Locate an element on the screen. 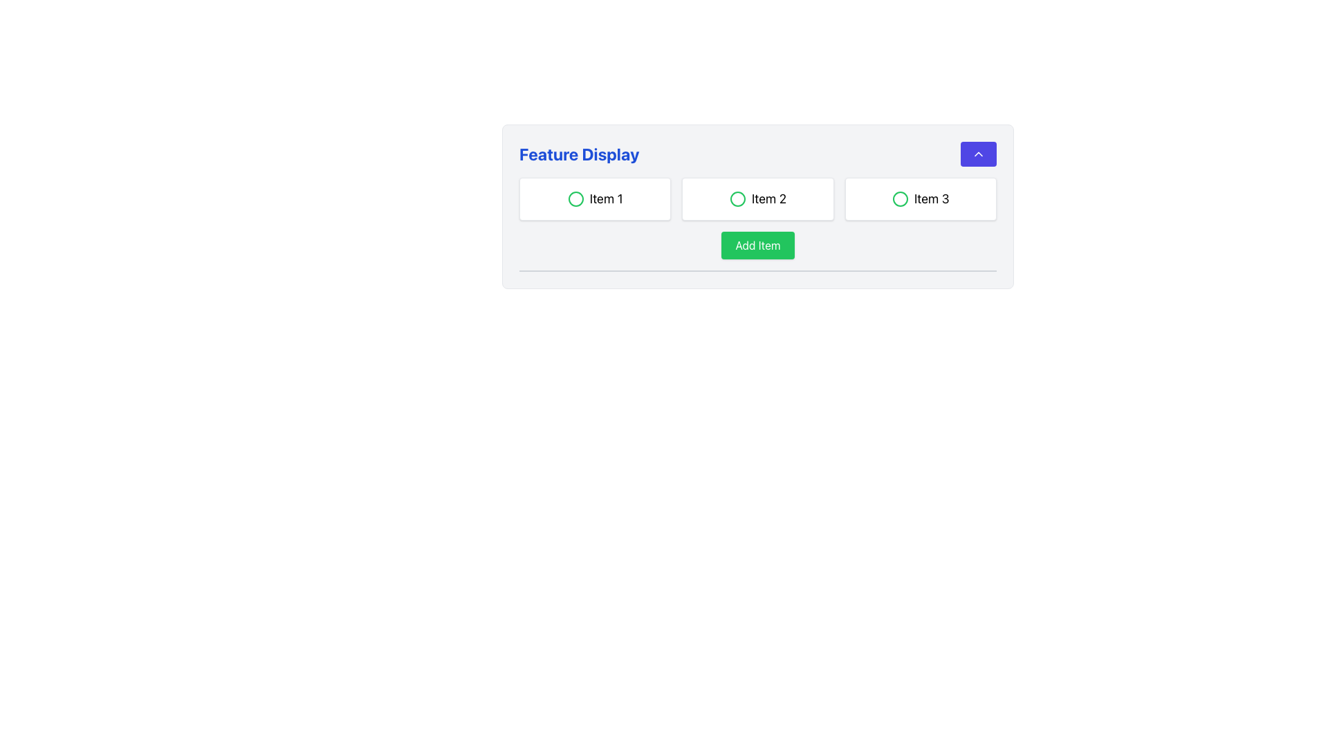 The width and height of the screenshot is (1328, 747). the static text element displaying 'Feature Display', which is styled with a bold, large font in dark blue, located at the upper left of the card-like interface is located at coordinates (579, 154).